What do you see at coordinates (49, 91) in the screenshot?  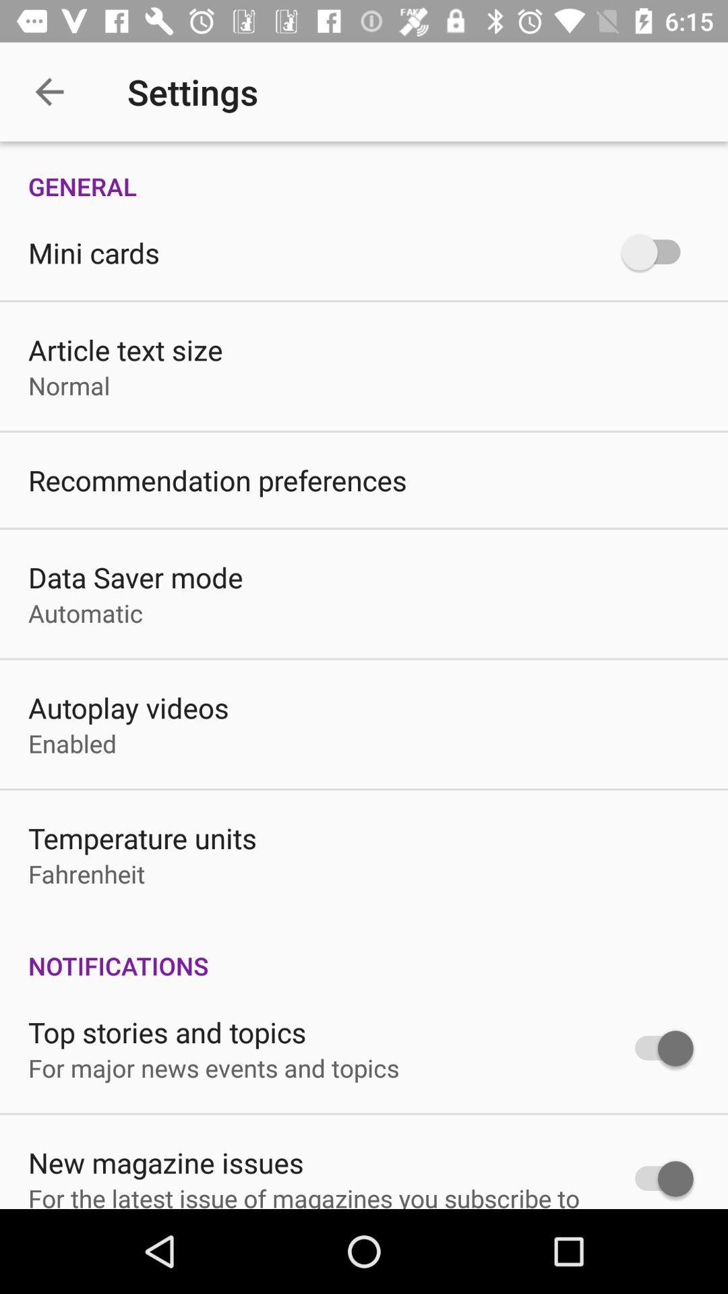 I see `item next to the settings icon` at bounding box center [49, 91].